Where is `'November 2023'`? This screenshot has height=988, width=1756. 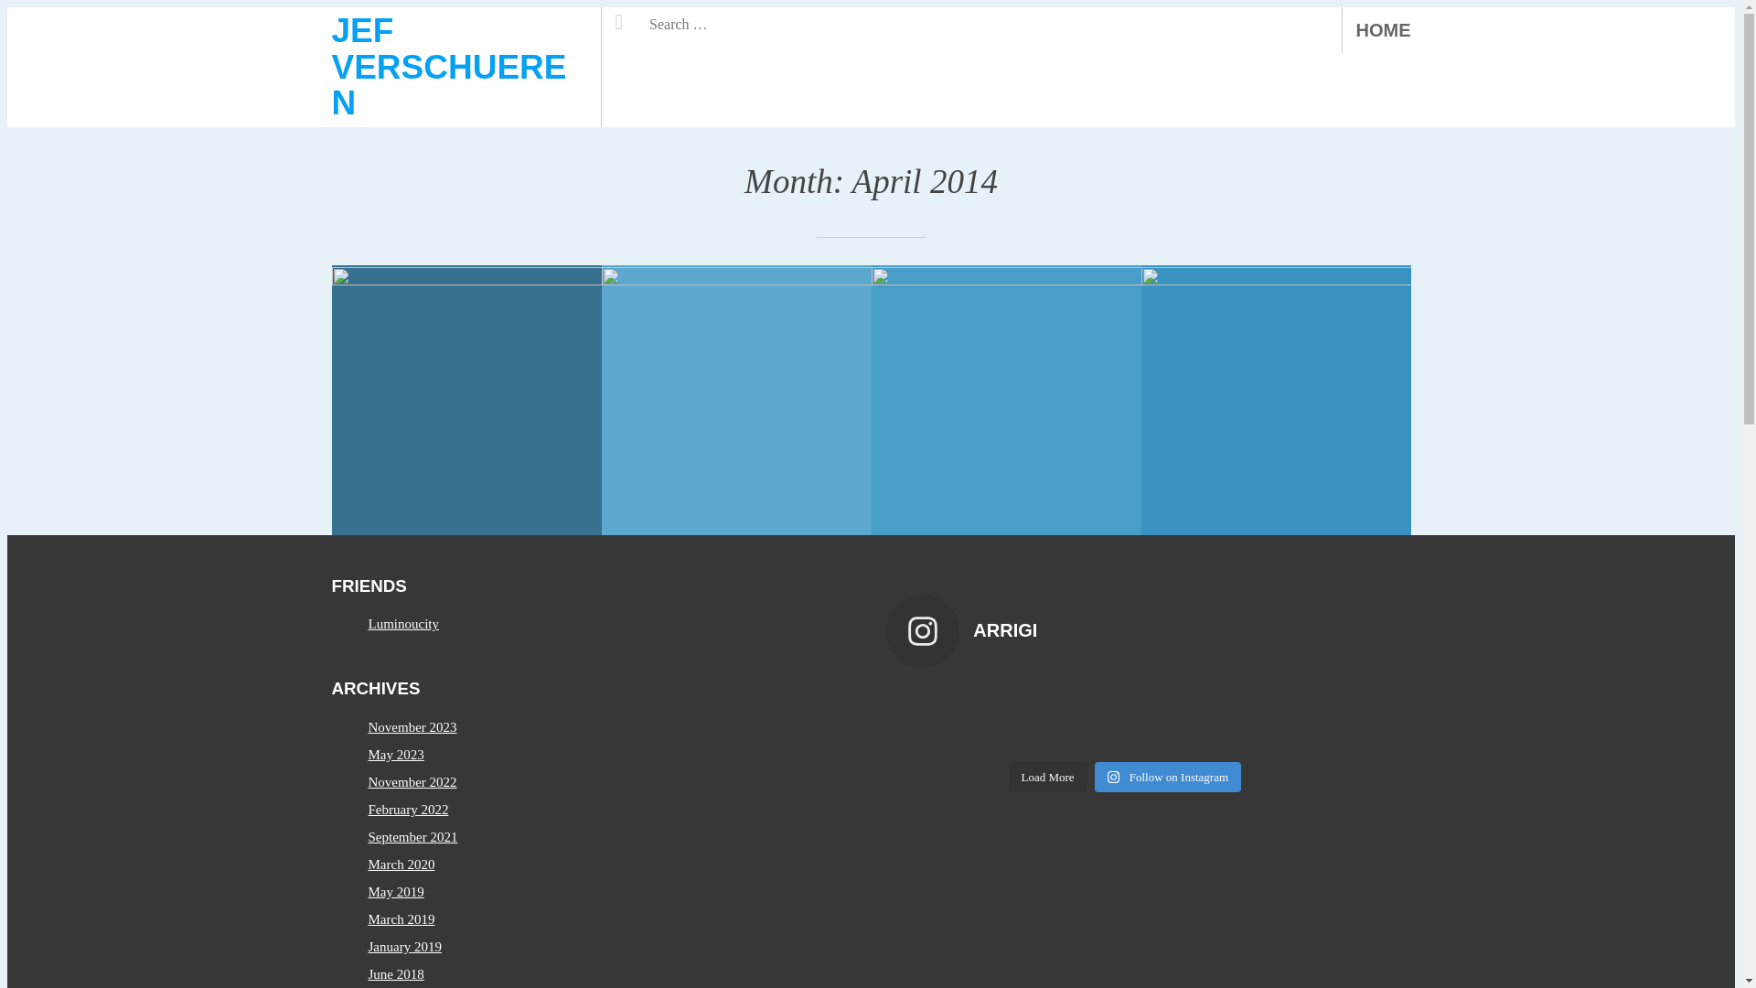
'November 2023' is located at coordinates (411, 725).